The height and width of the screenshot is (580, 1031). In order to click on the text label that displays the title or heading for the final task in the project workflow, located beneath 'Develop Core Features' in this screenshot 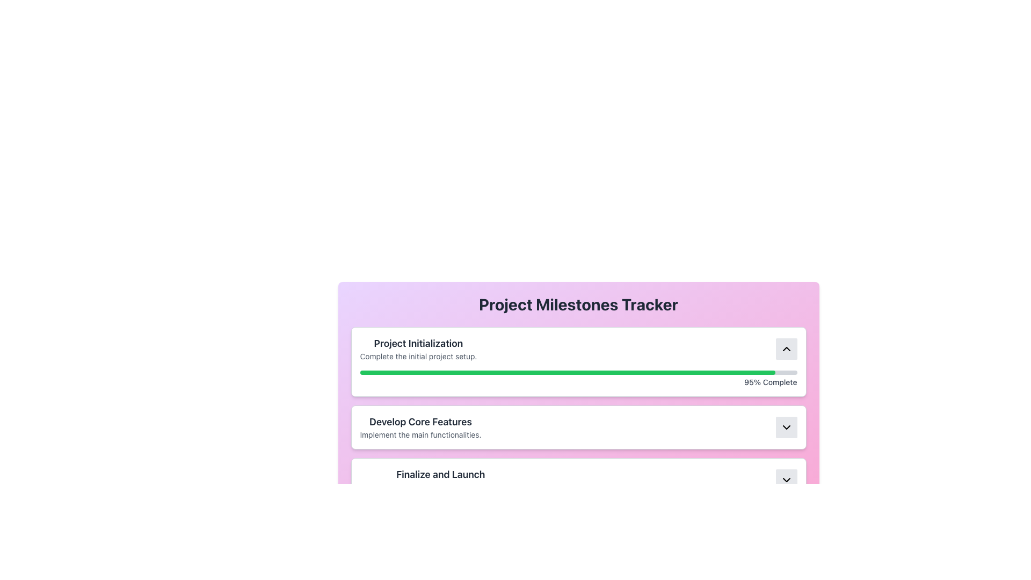, I will do `click(440, 474)`.